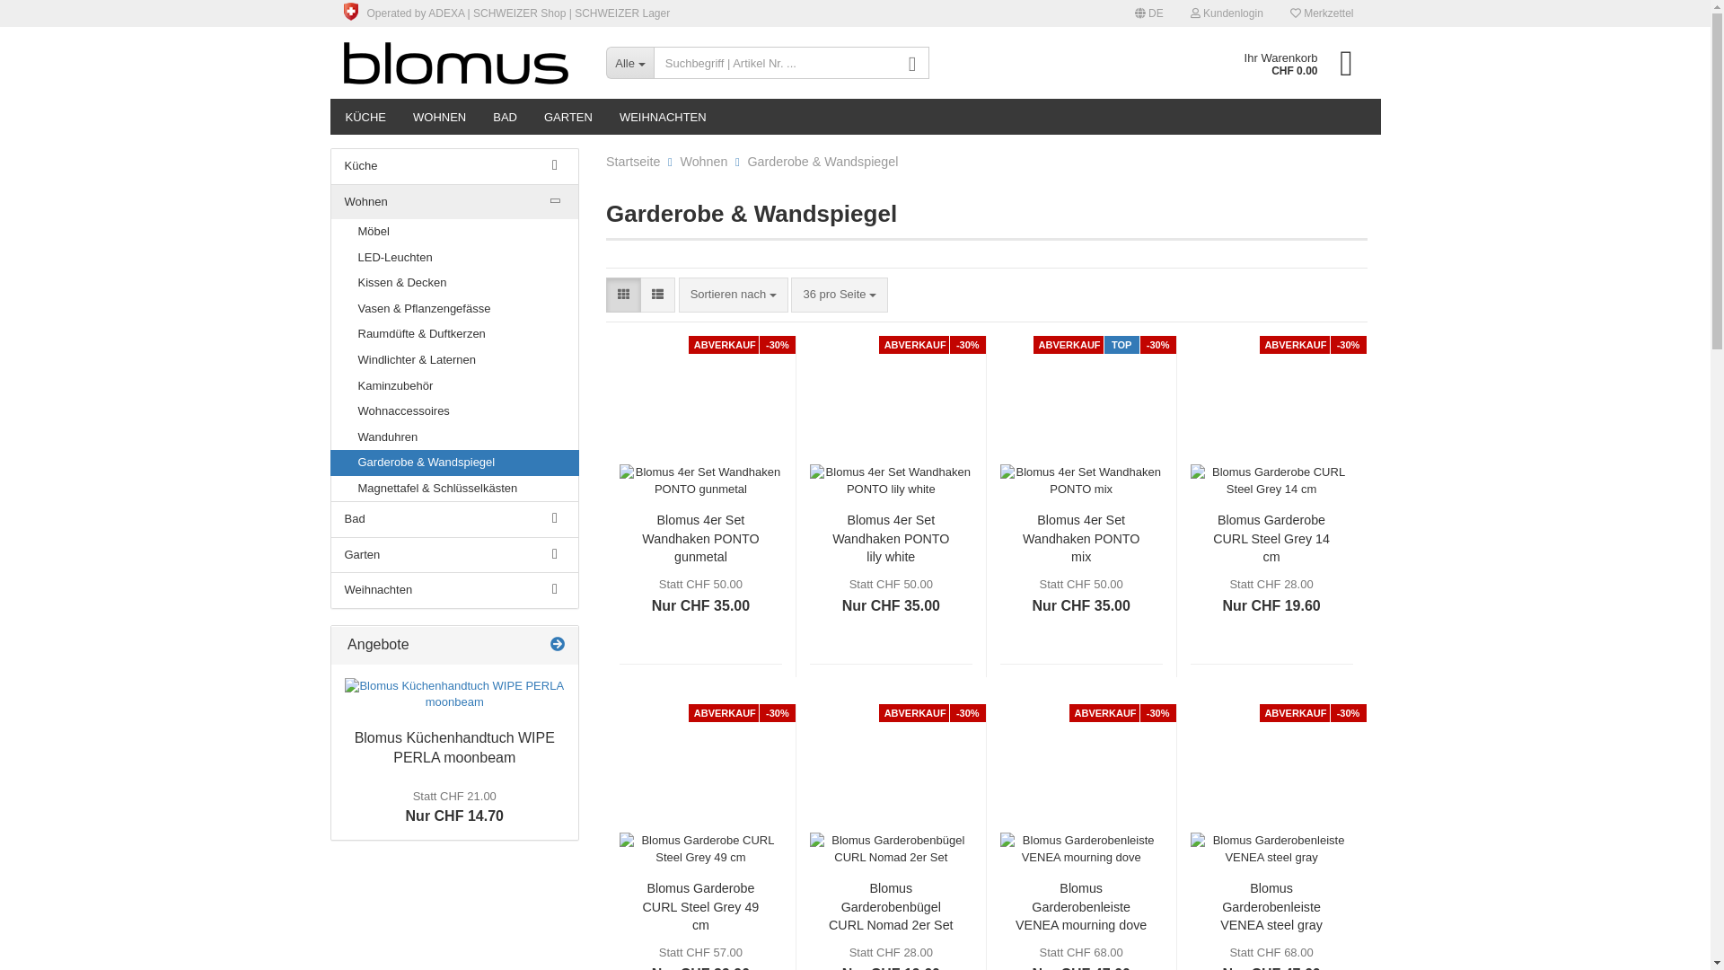 This screenshot has height=970, width=1724. Describe the element at coordinates (461, 61) in the screenshot. I see `'BLOMUS.CH'` at that location.